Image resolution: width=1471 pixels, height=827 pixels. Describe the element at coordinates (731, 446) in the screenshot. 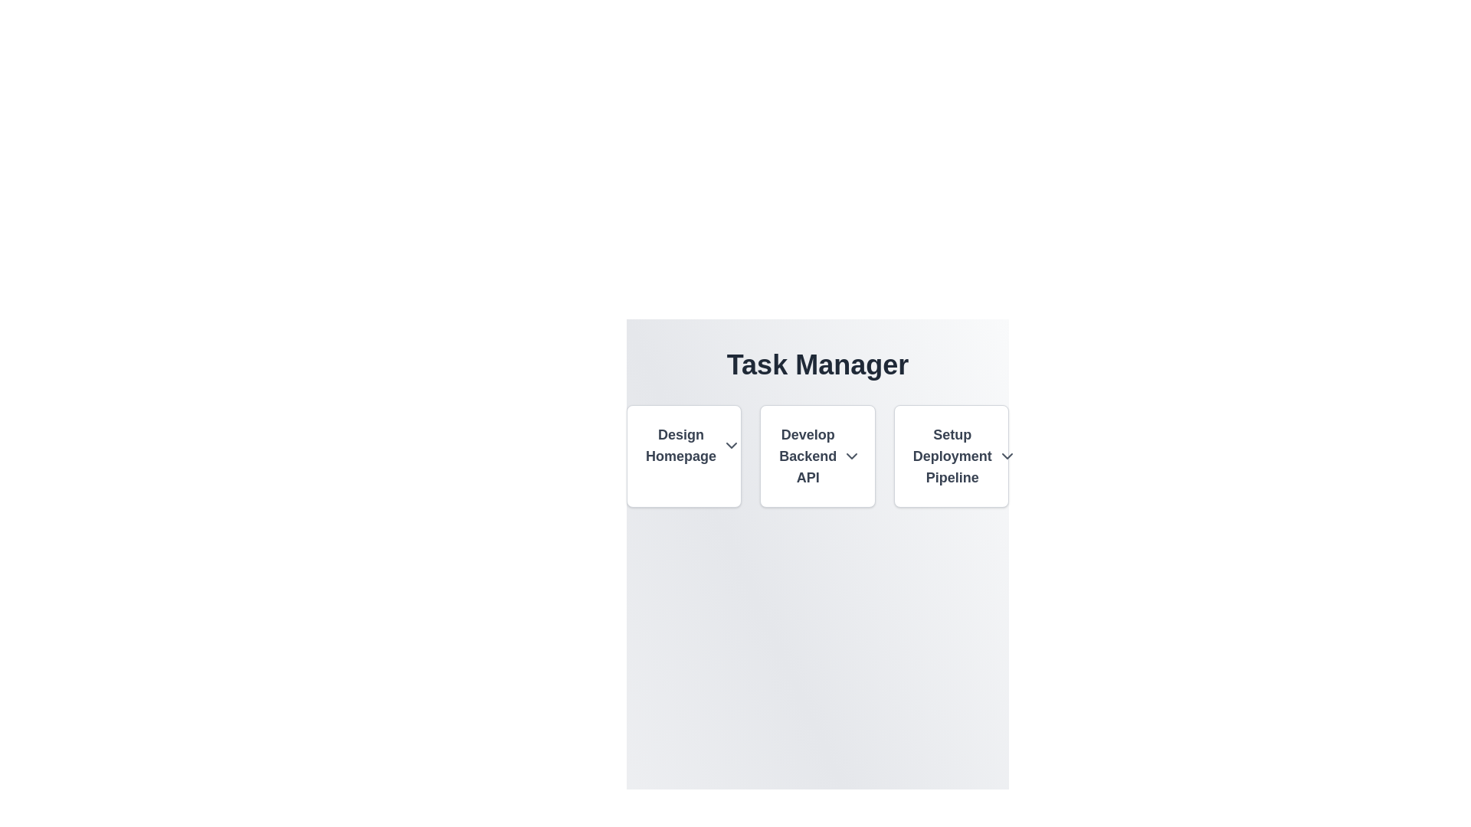

I see `the downward-pointing chevron icon located beside the text 'Design Homepage' in the first card under 'Task Manager'` at that location.